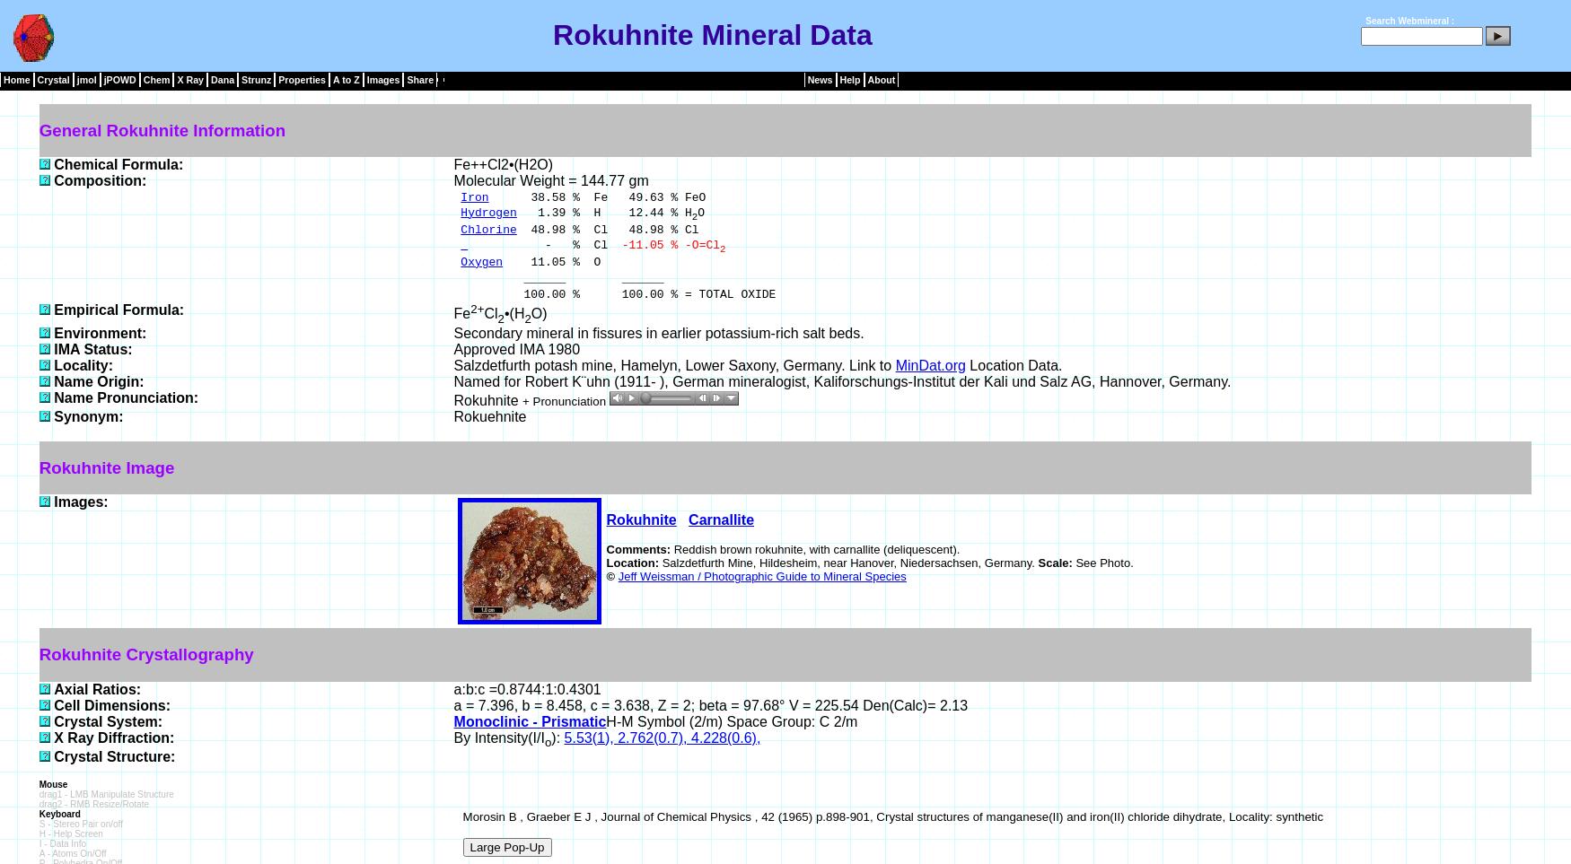 This screenshot has height=864, width=1571. Describe the element at coordinates (633, 562) in the screenshot. I see `'Location:'` at that location.